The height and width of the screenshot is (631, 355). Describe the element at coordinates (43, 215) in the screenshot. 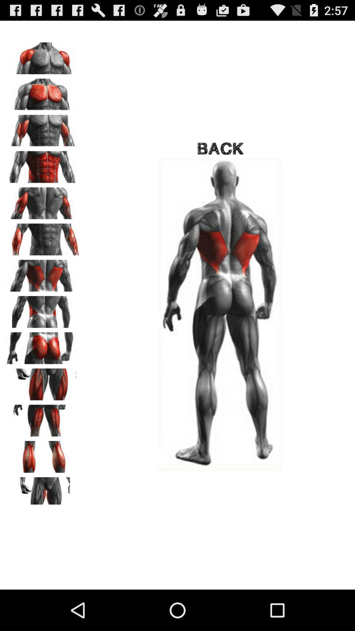

I see `the font icon` at that location.